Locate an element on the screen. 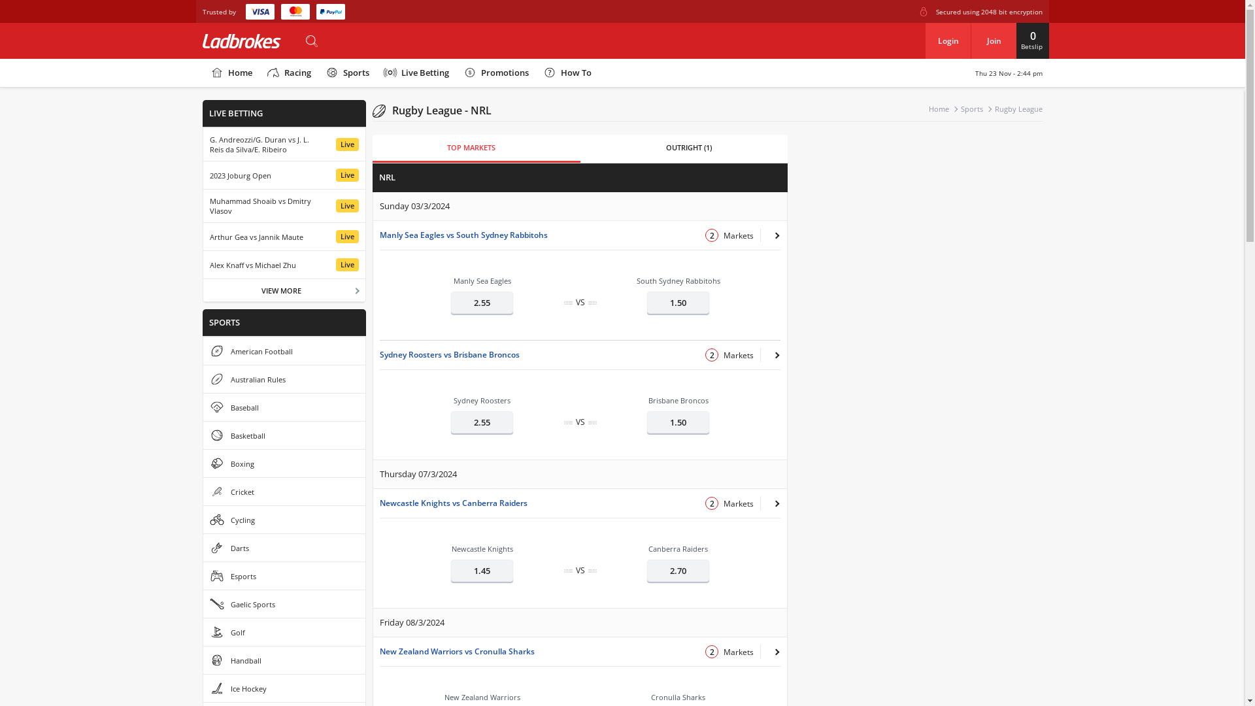  'Australian Rules' is located at coordinates (284, 378).